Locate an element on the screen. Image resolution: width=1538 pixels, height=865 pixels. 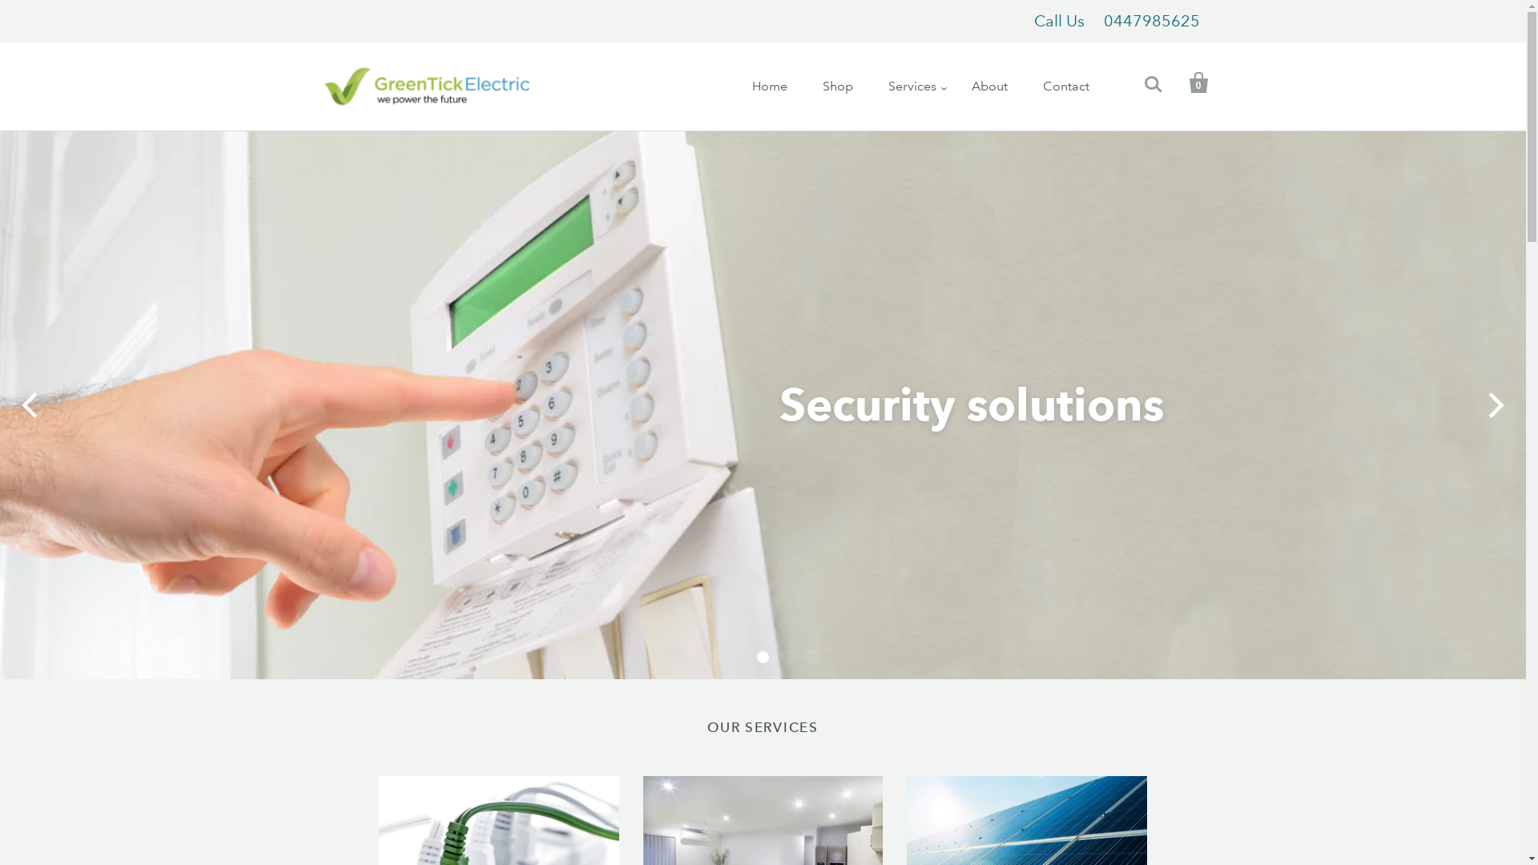
'Contact' is located at coordinates (1065, 85).